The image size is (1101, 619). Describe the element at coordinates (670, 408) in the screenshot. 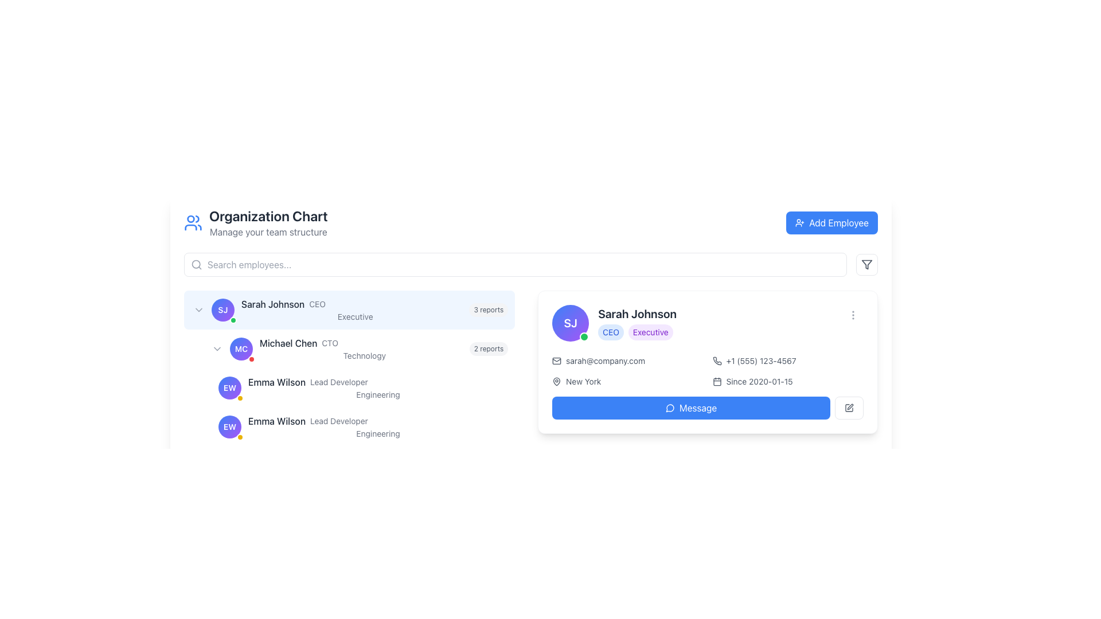

I see `the circular message bubble icon, which is outlined with a darker stroke and located inside the 'Message' button in the user's profile card area` at that location.